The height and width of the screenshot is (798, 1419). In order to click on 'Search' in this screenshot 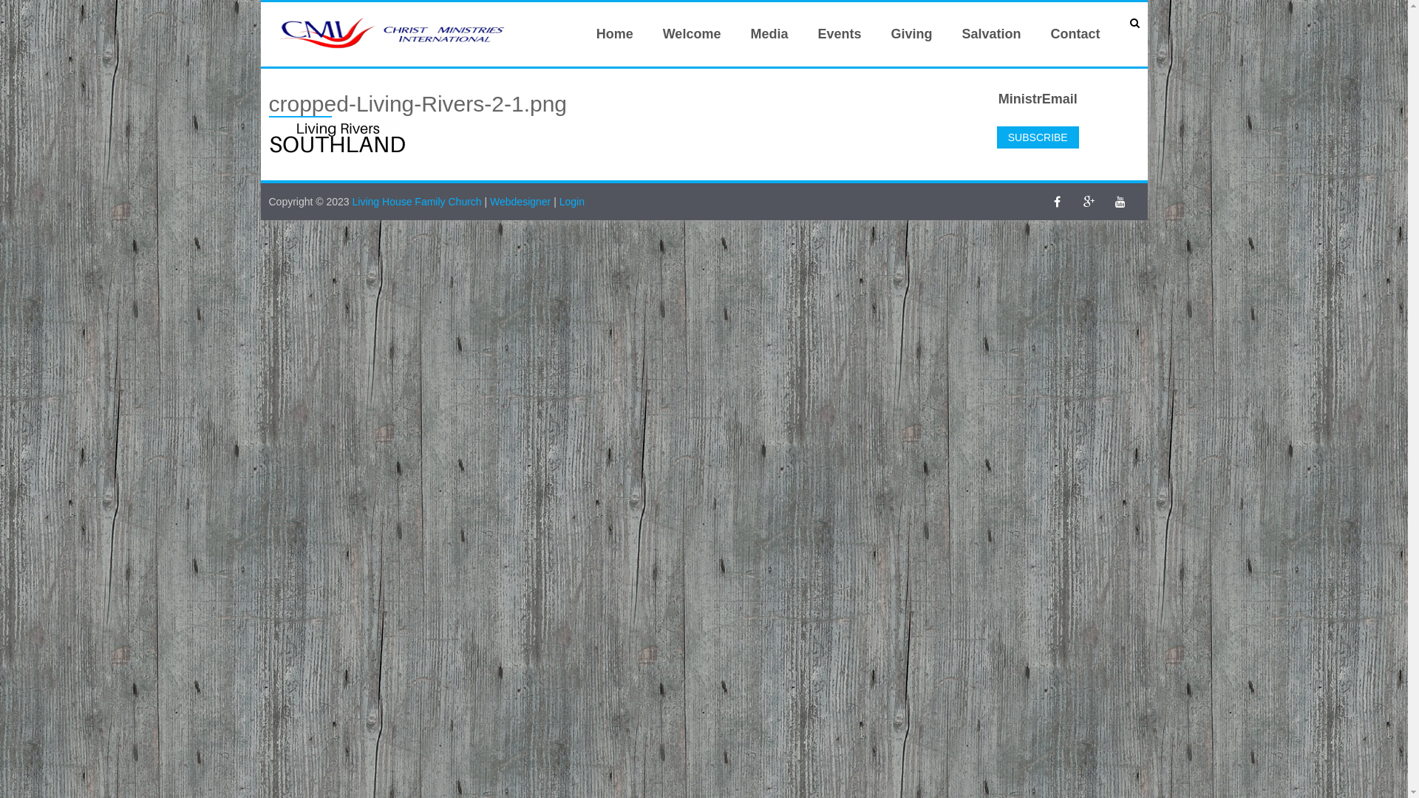, I will do `click(32, 12)`.